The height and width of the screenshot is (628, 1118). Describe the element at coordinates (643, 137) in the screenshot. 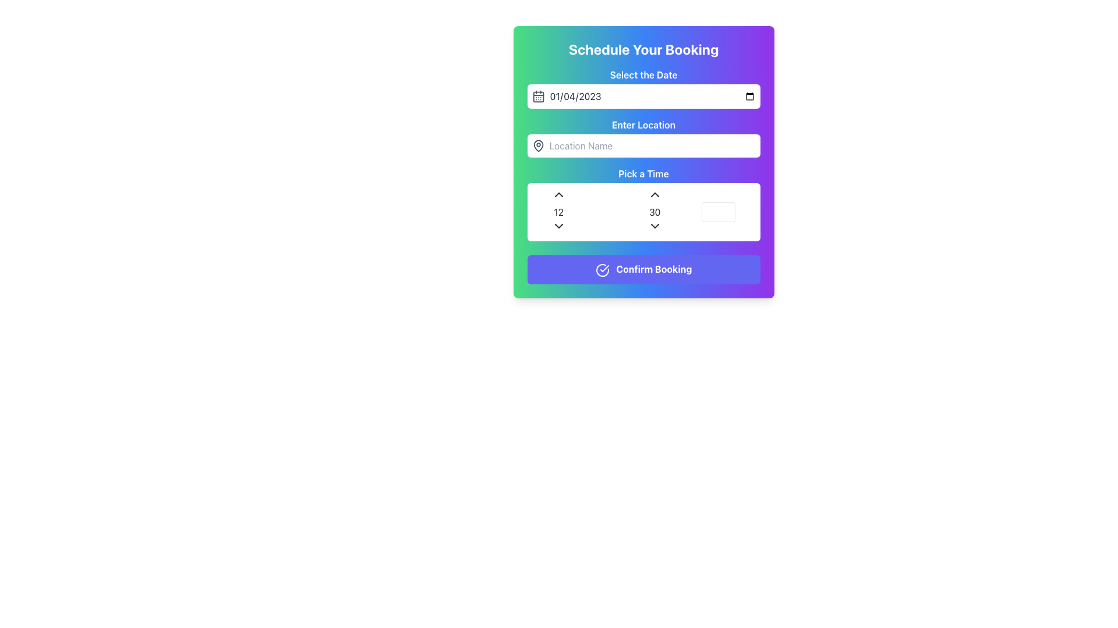

I see `the 'Enter Location' text input field to focus on it` at that location.